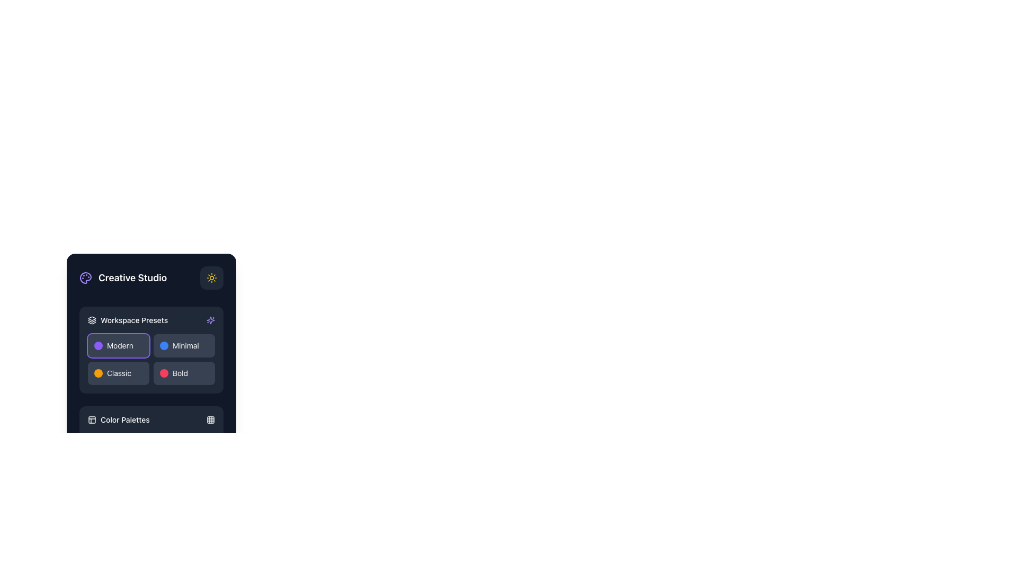 Image resolution: width=1017 pixels, height=572 pixels. I want to click on the 'Bold' workspace preset label located in the bottom right quadrant of the 'Workspace Presets' section, so click(180, 373).